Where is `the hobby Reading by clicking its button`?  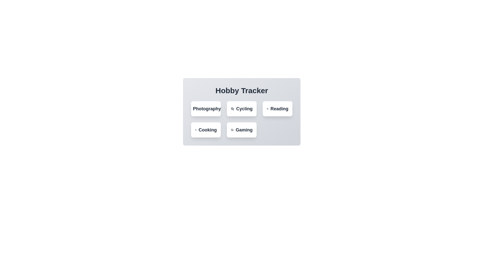
the hobby Reading by clicking its button is located at coordinates (277, 109).